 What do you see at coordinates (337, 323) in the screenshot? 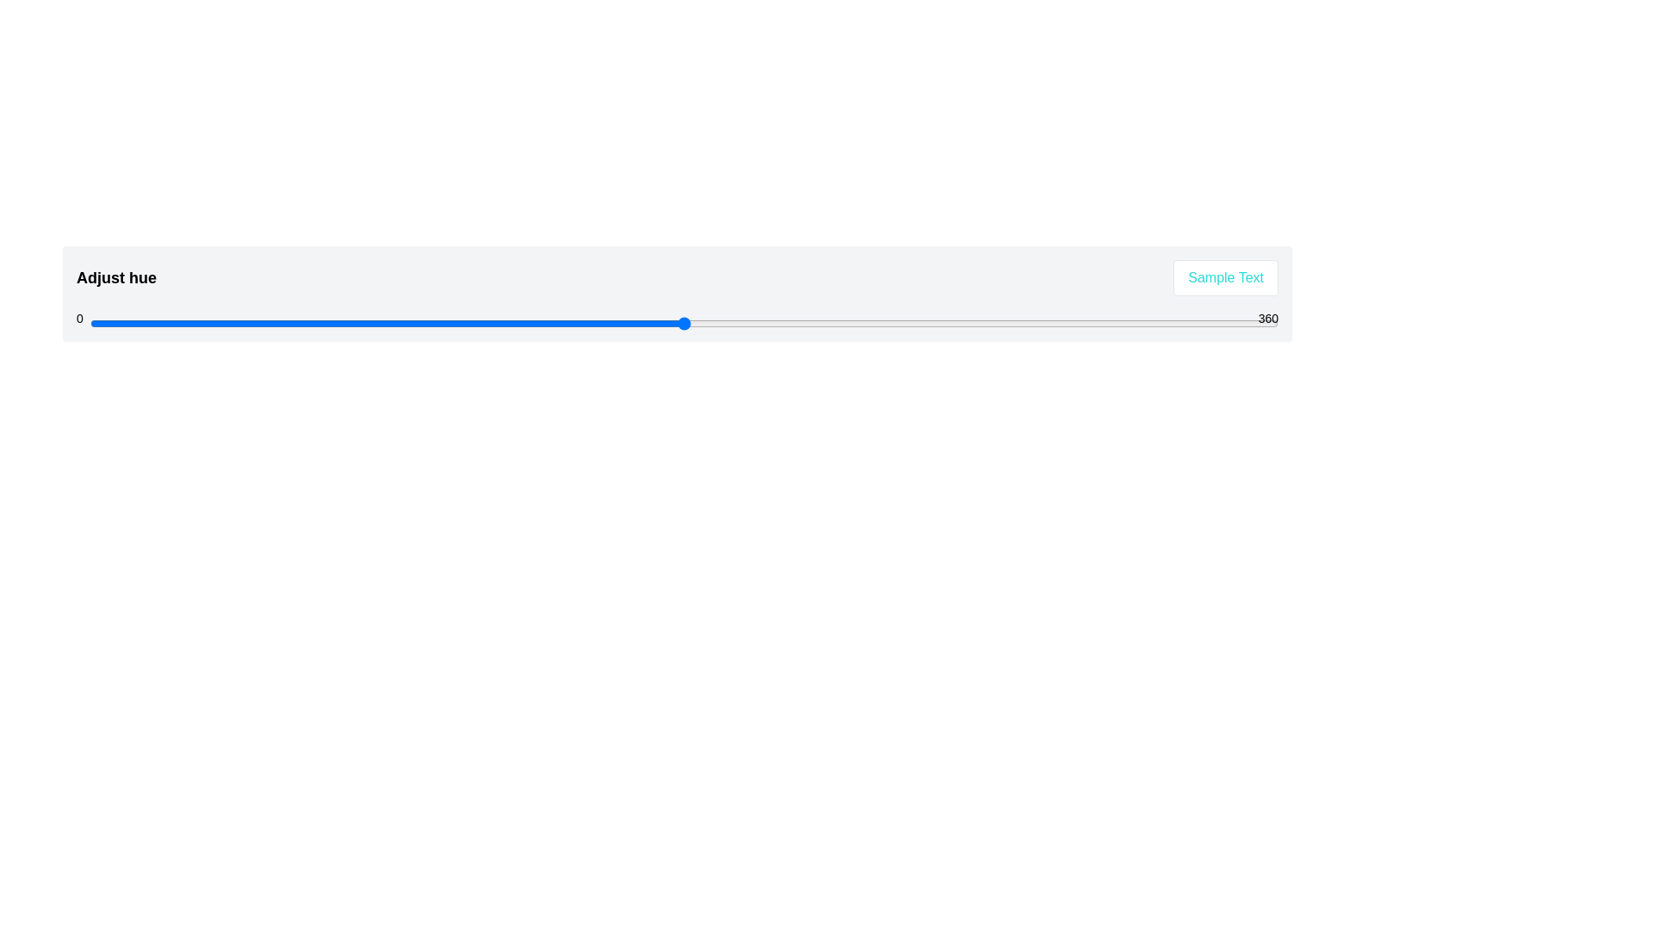
I see `the hue slider to a value of 75` at bounding box center [337, 323].